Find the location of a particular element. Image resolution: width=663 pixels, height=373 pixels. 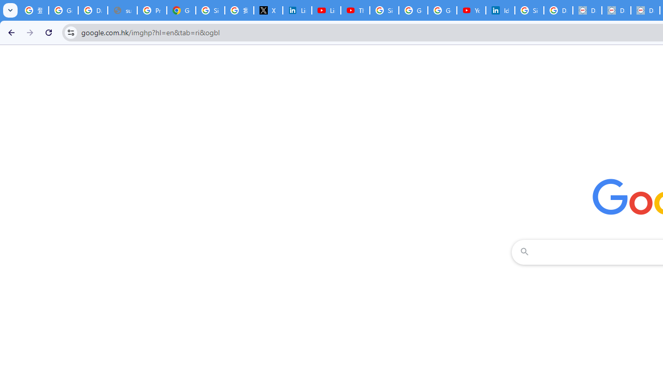

'support.google.com - Network error' is located at coordinates (122, 10).